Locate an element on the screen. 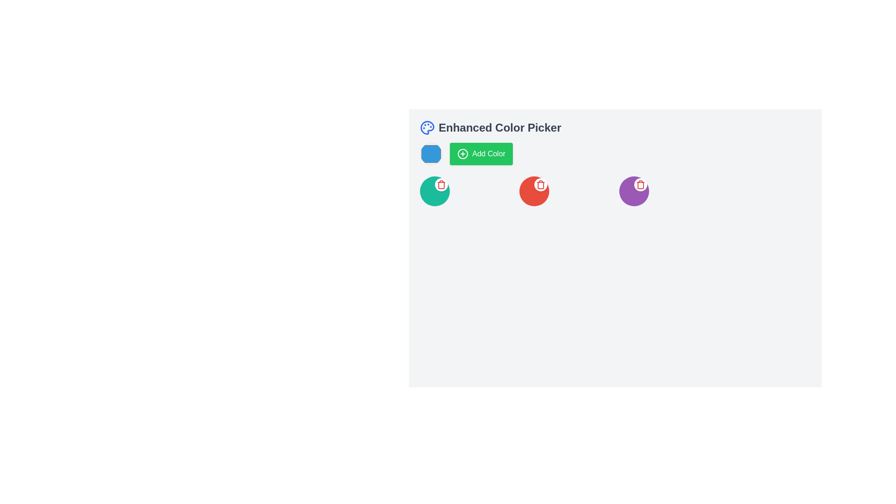 Image resolution: width=896 pixels, height=504 pixels. the trash icon button located in the top-right corner of the teal circular area beneath the 'Enhanced Color Picker' interface title is located at coordinates (441, 185).